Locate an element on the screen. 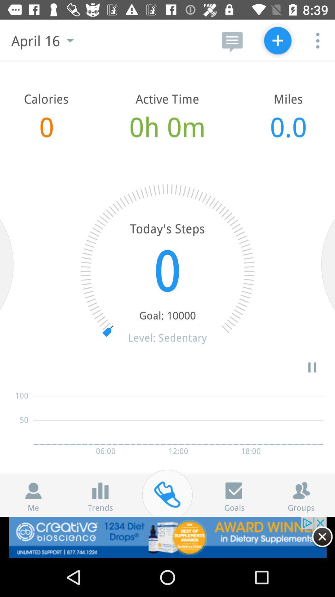 Image resolution: width=335 pixels, height=597 pixels. the avatar icon is located at coordinates (33, 490).